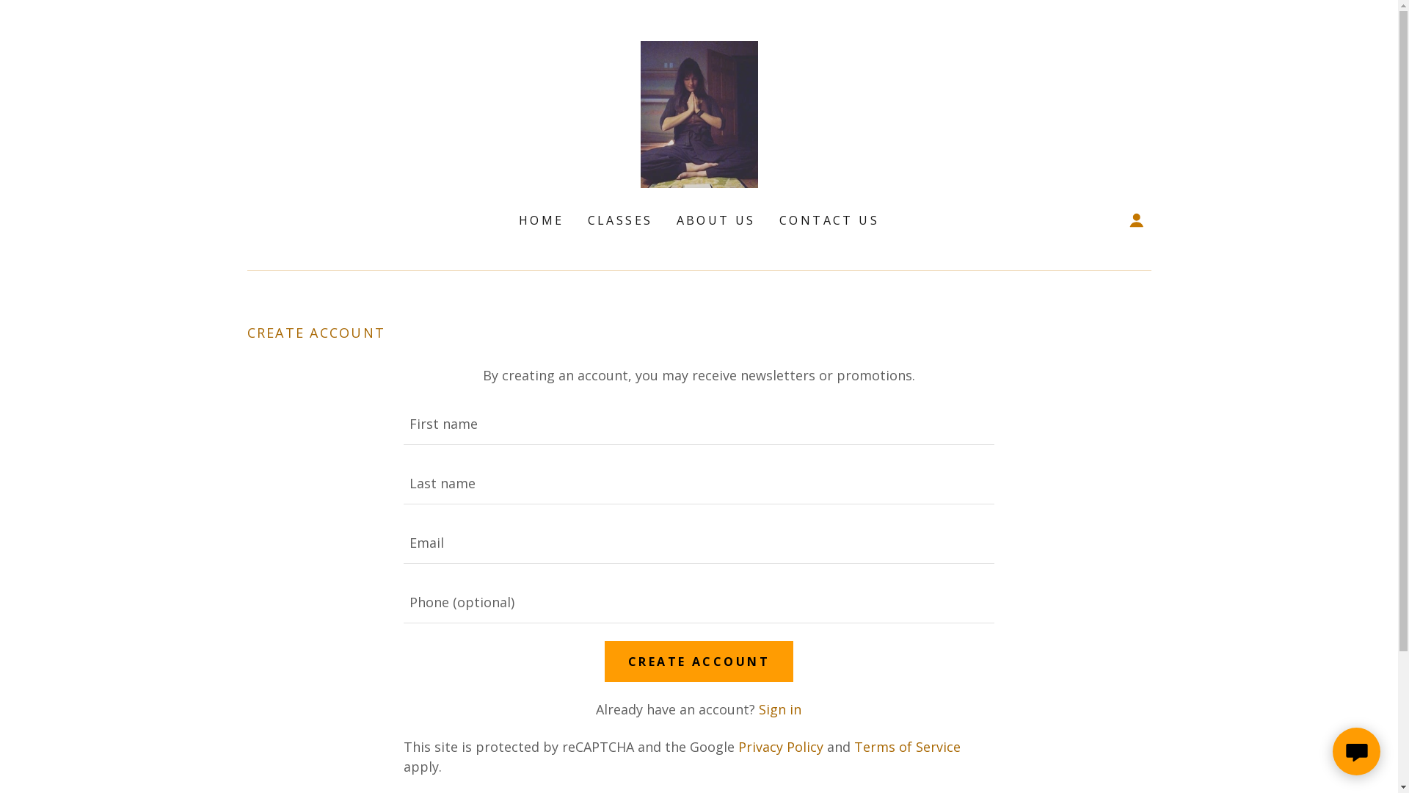 This screenshot has height=793, width=1409. I want to click on 'CREATE ACCOUNT', so click(698, 662).